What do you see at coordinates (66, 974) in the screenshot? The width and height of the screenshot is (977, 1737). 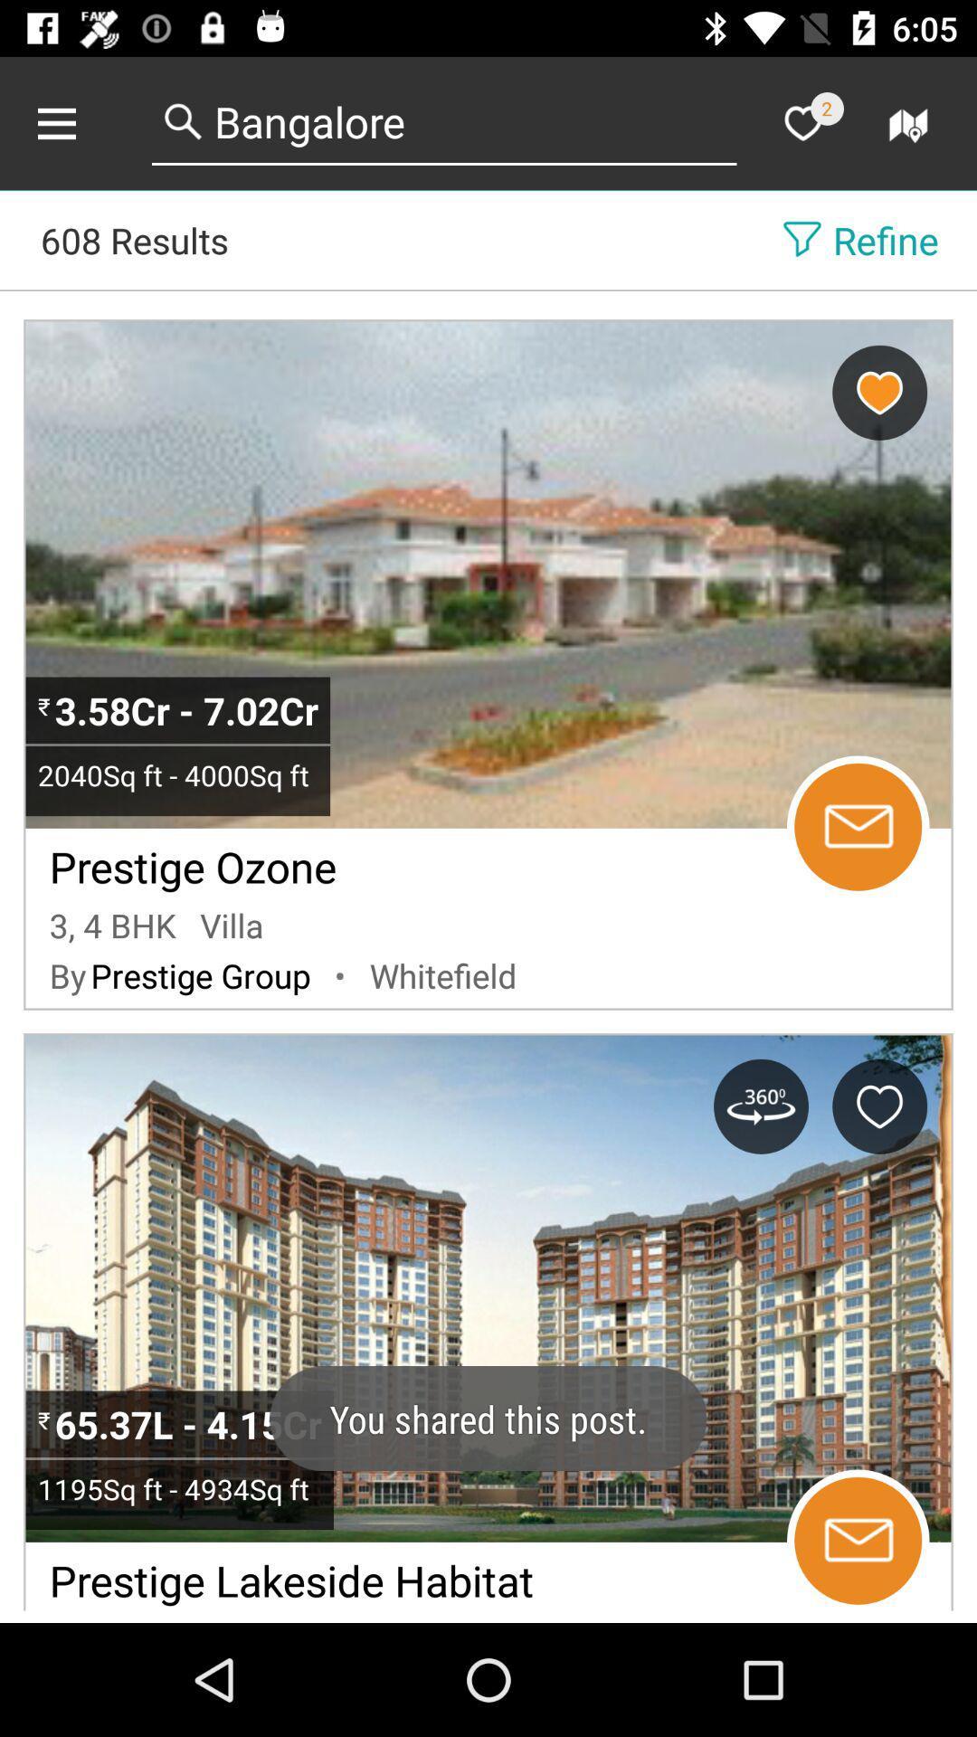 I see `item below the 3, 4 bhk item` at bounding box center [66, 974].